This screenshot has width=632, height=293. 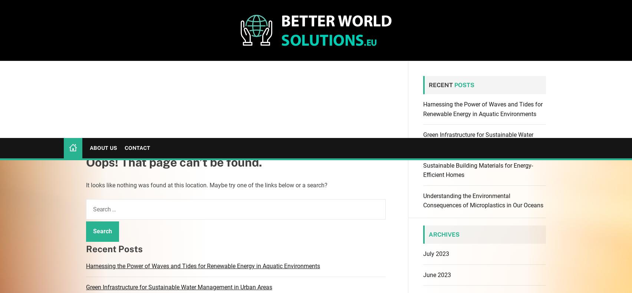 What do you see at coordinates (86, 110) in the screenshot?
I see `'Recent Posts'` at bounding box center [86, 110].